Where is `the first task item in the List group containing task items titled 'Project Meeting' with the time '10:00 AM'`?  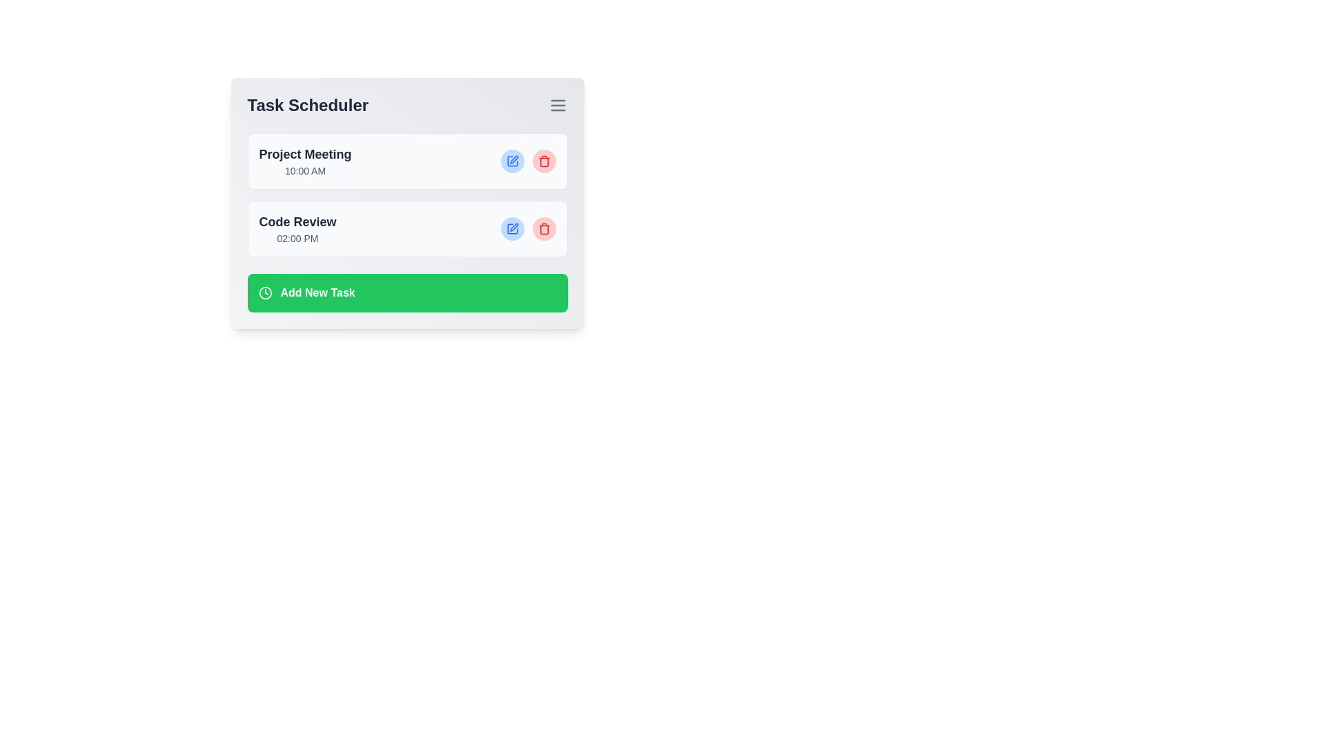 the first task item in the List group containing task items titled 'Project Meeting' with the time '10:00 AM' is located at coordinates (406, 195).